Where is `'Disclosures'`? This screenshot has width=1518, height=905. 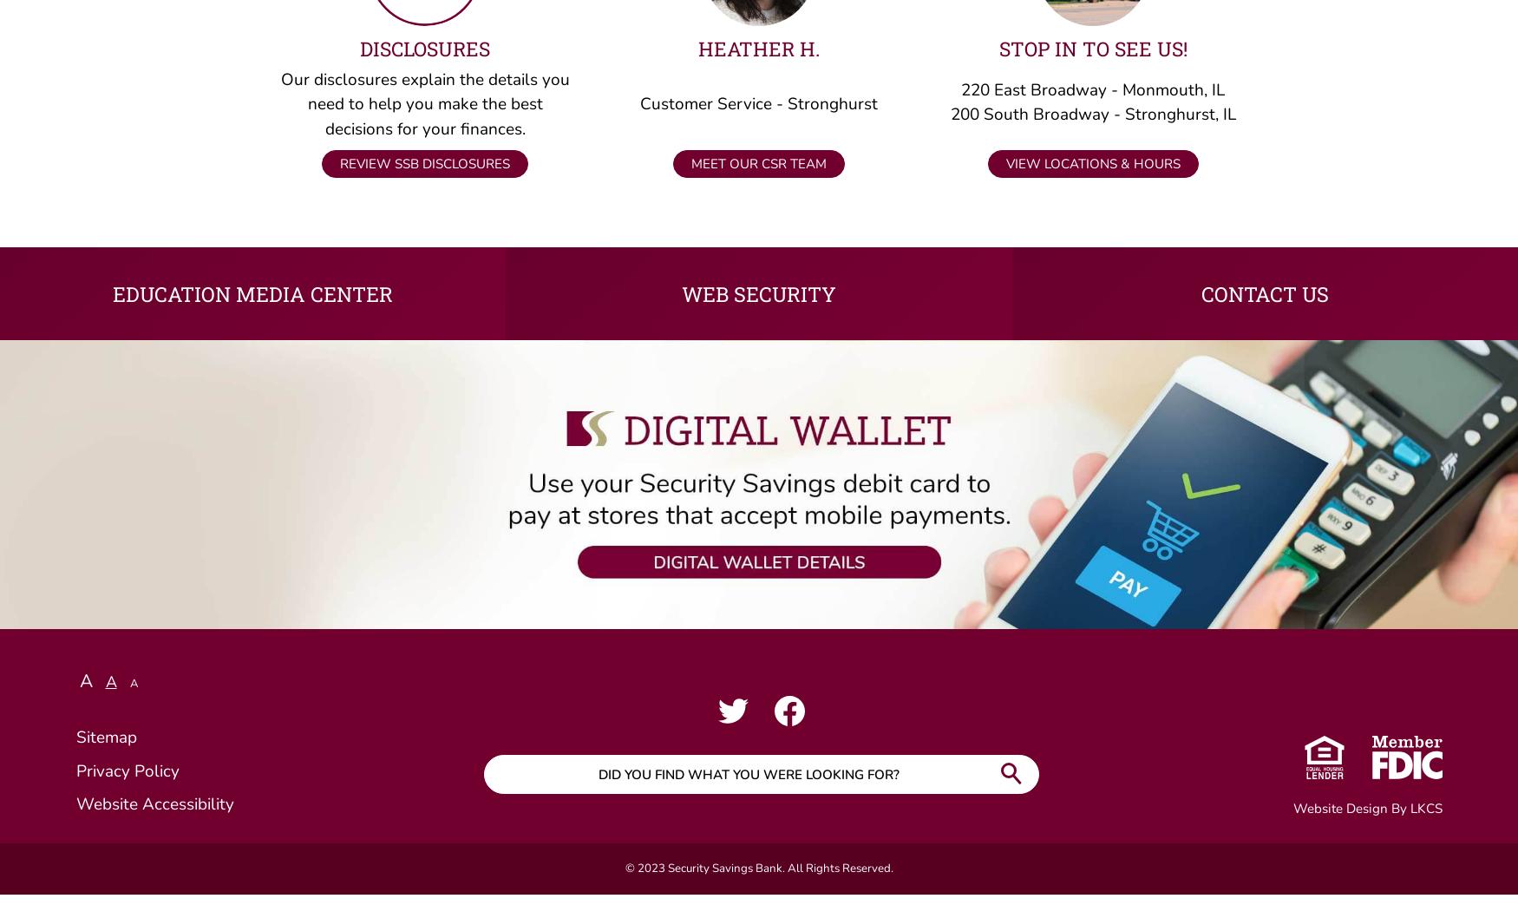
'Disclosures' is located at coordinates (425, 56).